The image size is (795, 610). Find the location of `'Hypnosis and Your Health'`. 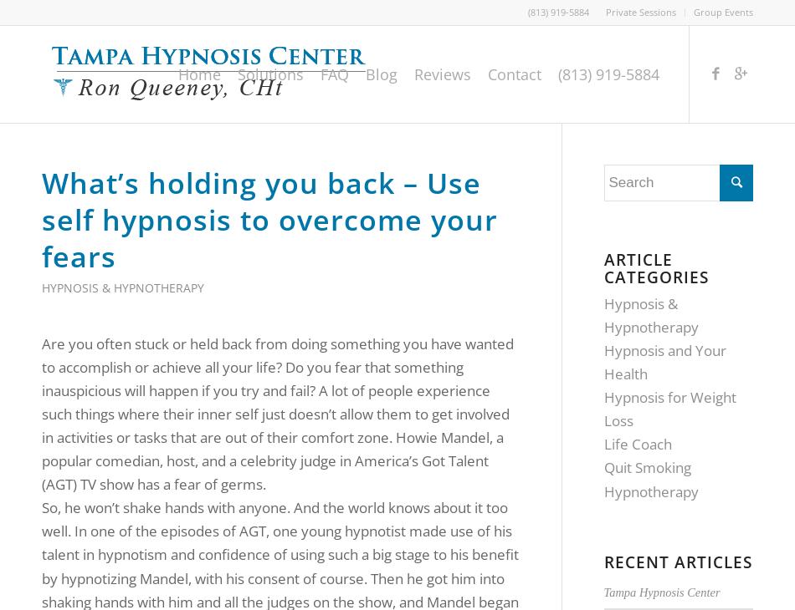

'Hypnosis and Your Health' is located at coordinates (664, 361).